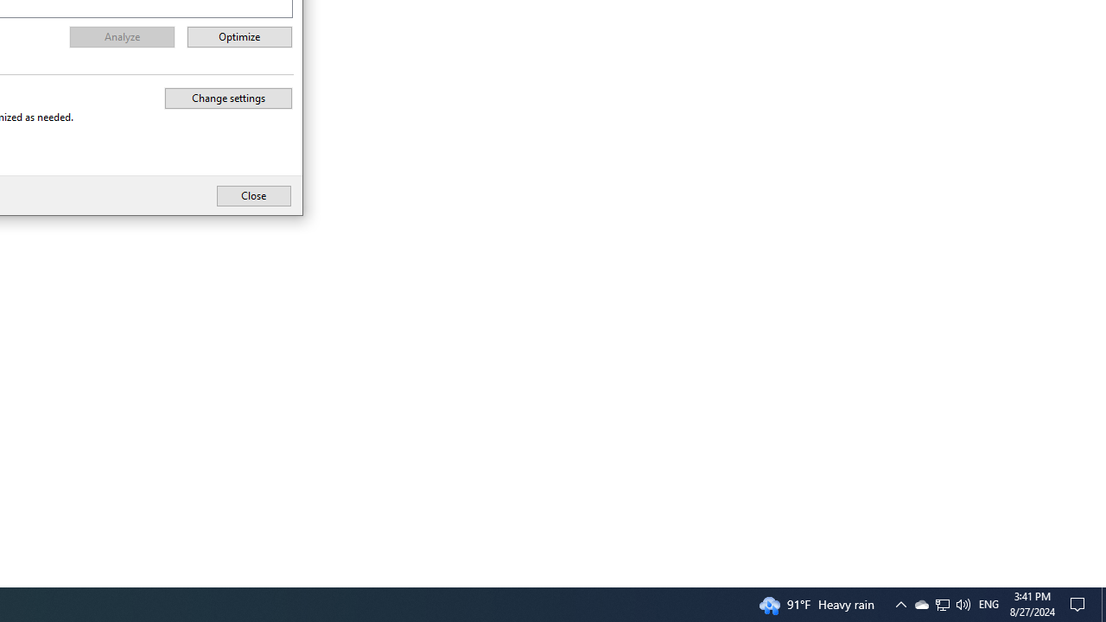 This screenshot has height=622, width=1106. What do you see at coordinates (252, 194) in the screenshot?
I see `'Close'` at bounding box center [252, 194].